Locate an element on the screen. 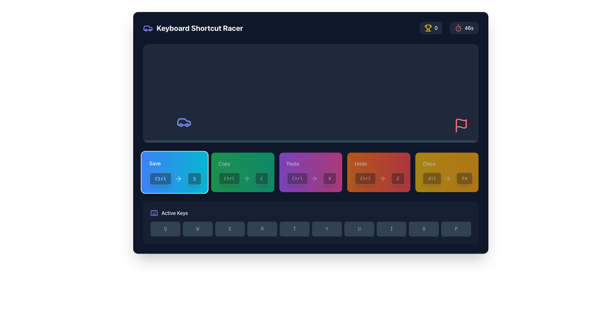 Image resolution: width=592 pixels, height=333 pixels. the Text label indicating the 'Ctrl + S' keyboard shortcut within the blue 'Save' button is located at coordinates (167, 179).